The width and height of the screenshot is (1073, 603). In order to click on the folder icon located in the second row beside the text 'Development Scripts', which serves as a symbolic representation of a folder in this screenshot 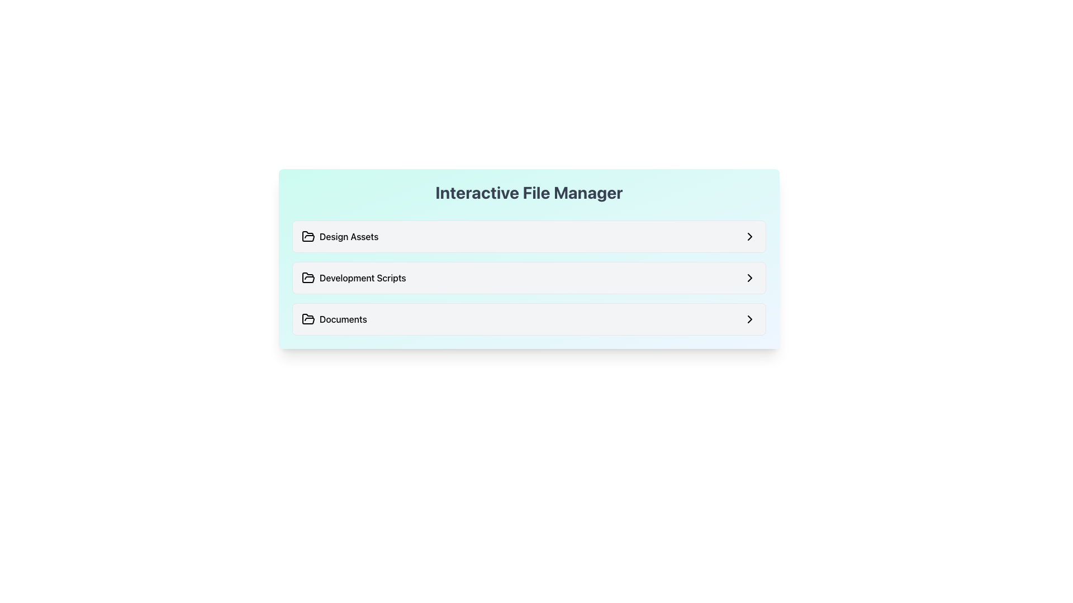, I will do `click(308, 277)`.